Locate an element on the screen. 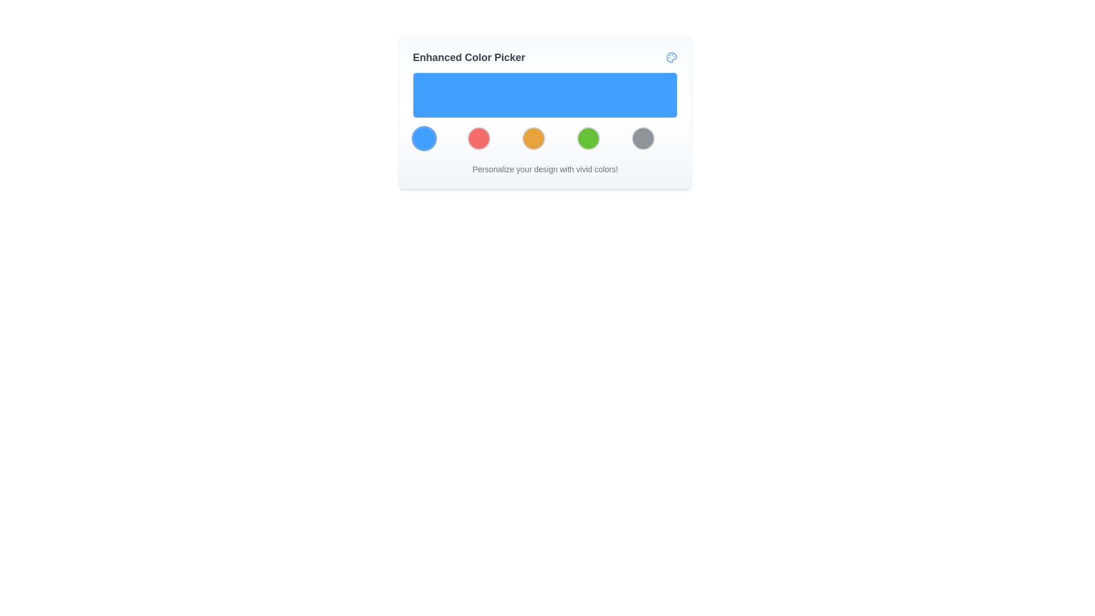 The width and height of the screenshot is (1095, 616). the fifth circular button with a gray background and light border, located in the bottom-right corner underneath a blue rectangular input area, to activate its hover effect is located at coordinates (643, 138).